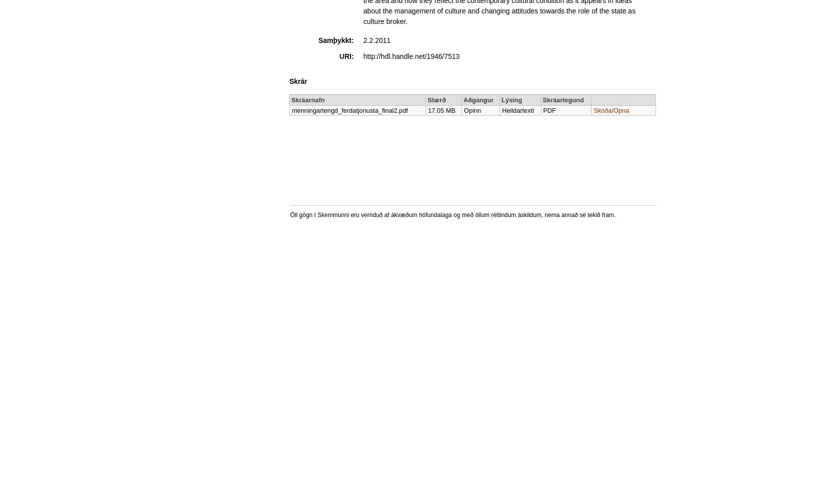 The height and width of the screenshot is (499, 823). What do you see at coordinates (441, 110) in the screenshot?
I see `'17.05 MB'` at bounding box center [441, 110].